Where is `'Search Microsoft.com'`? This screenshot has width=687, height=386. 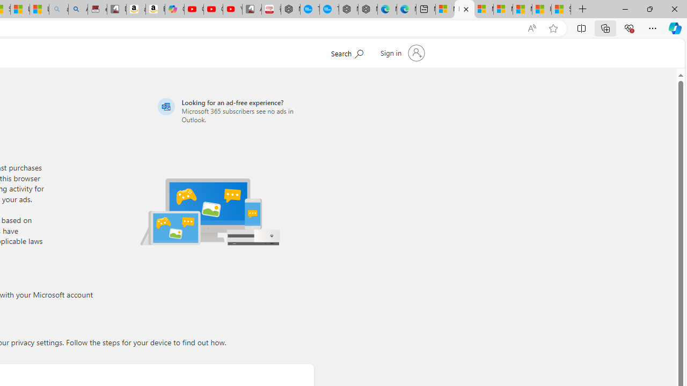
'Search Microsoft.com' is located at coordinates (347, 52).